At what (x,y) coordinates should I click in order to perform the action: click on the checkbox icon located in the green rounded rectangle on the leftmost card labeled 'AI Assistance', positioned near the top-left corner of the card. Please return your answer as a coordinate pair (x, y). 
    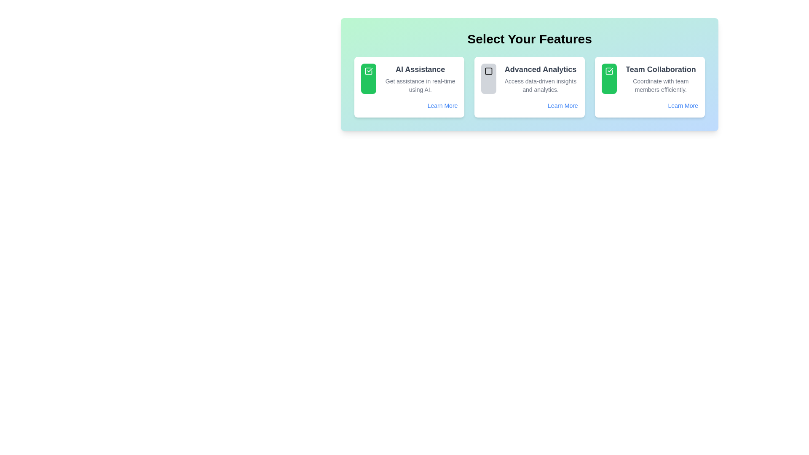
    Looking at the image, I should click on (368, 71).